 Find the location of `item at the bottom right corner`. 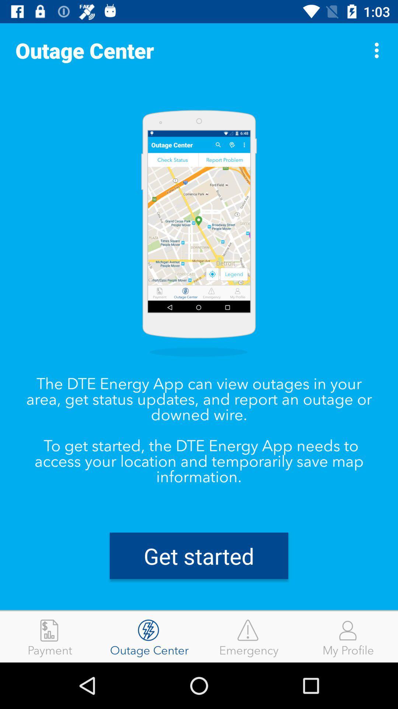

item at the bottom right corner is located at coordinates (348, 636).